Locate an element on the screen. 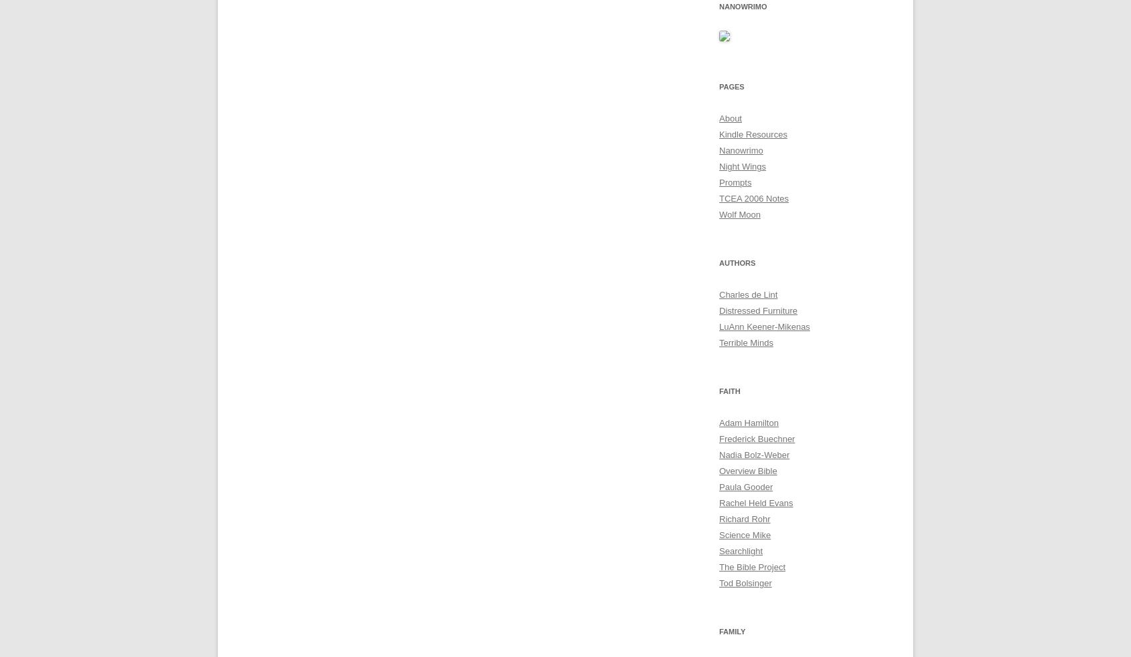 This screenshot has height=657, width=1131. 'Rachel Held Evans' is located at coordinates (755, 502).